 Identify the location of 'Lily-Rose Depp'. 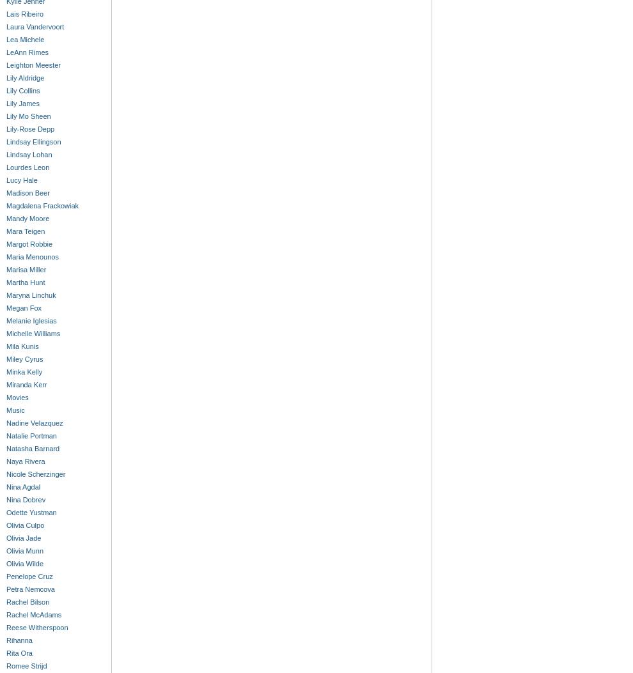
(29, 128).